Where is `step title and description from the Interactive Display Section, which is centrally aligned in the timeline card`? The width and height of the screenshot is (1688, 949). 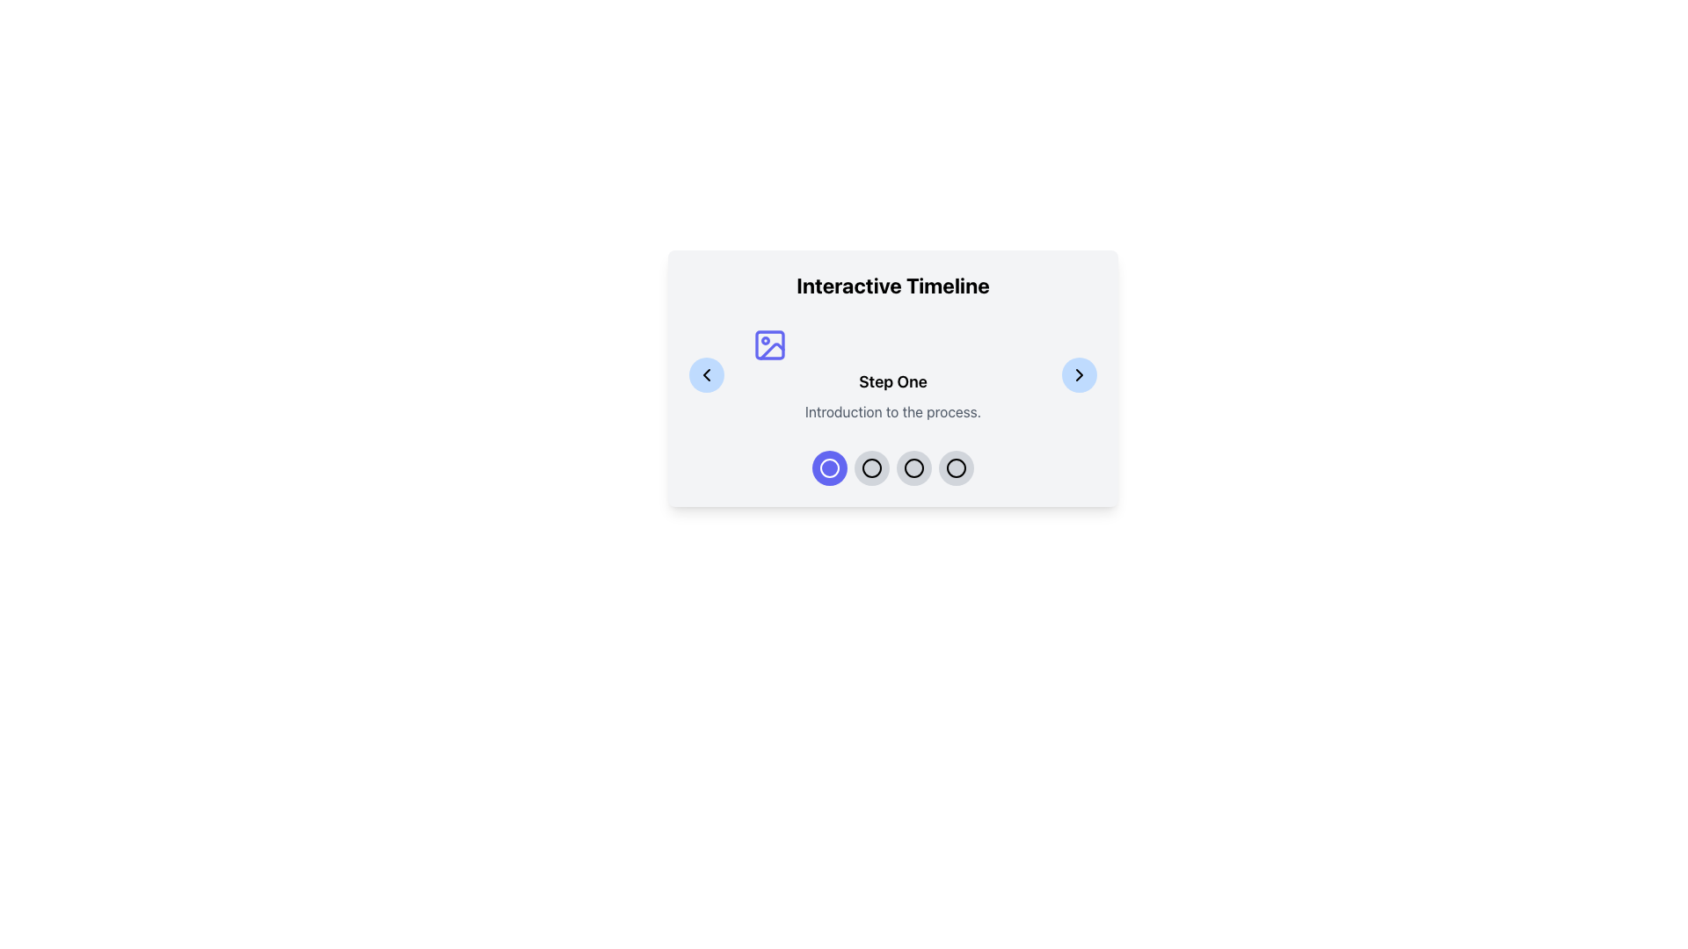 step title and description from the Interactive Display Section, which is centrally aligned in the timeline card is located at coordinates (893, 374).